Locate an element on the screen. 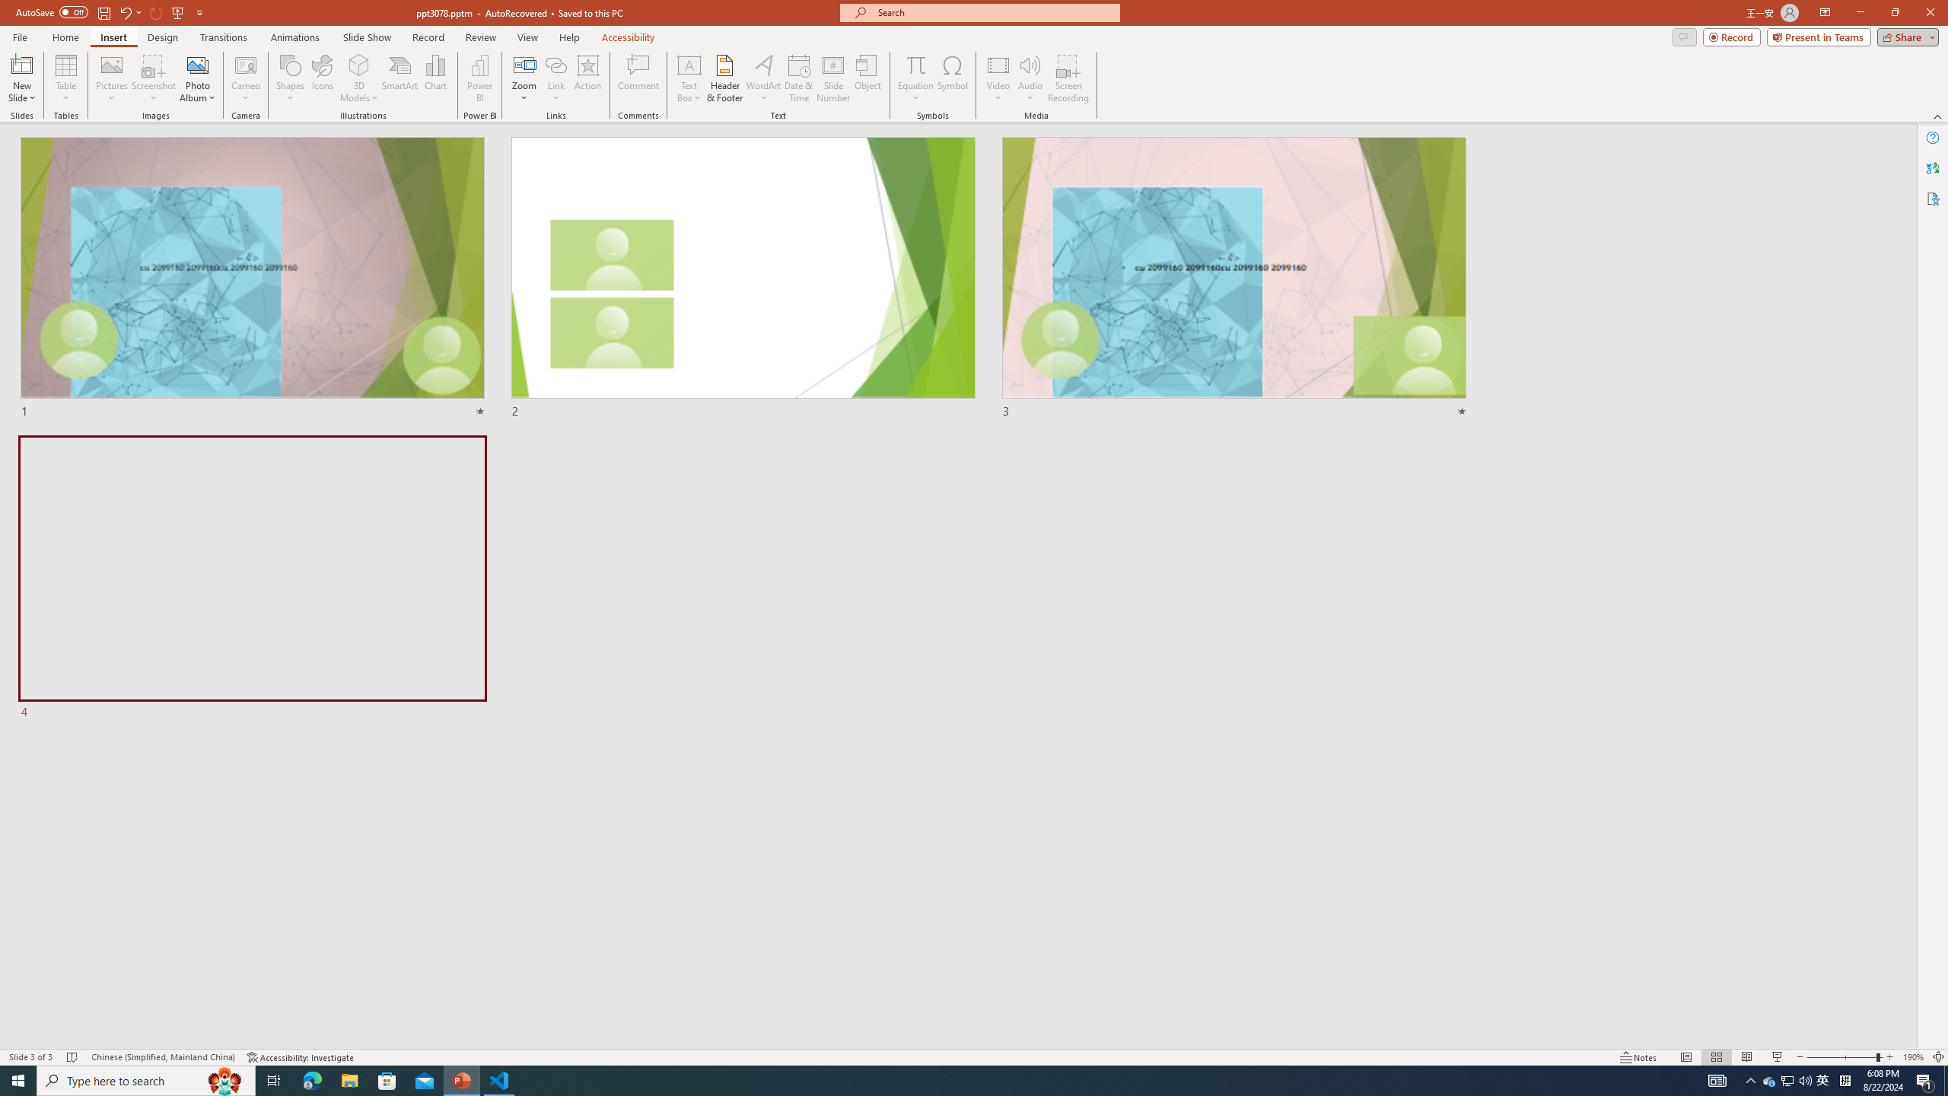 This screenshot has width=1948, height=1096. 'Zoom Out' is located at coordinates (1841, 1057).